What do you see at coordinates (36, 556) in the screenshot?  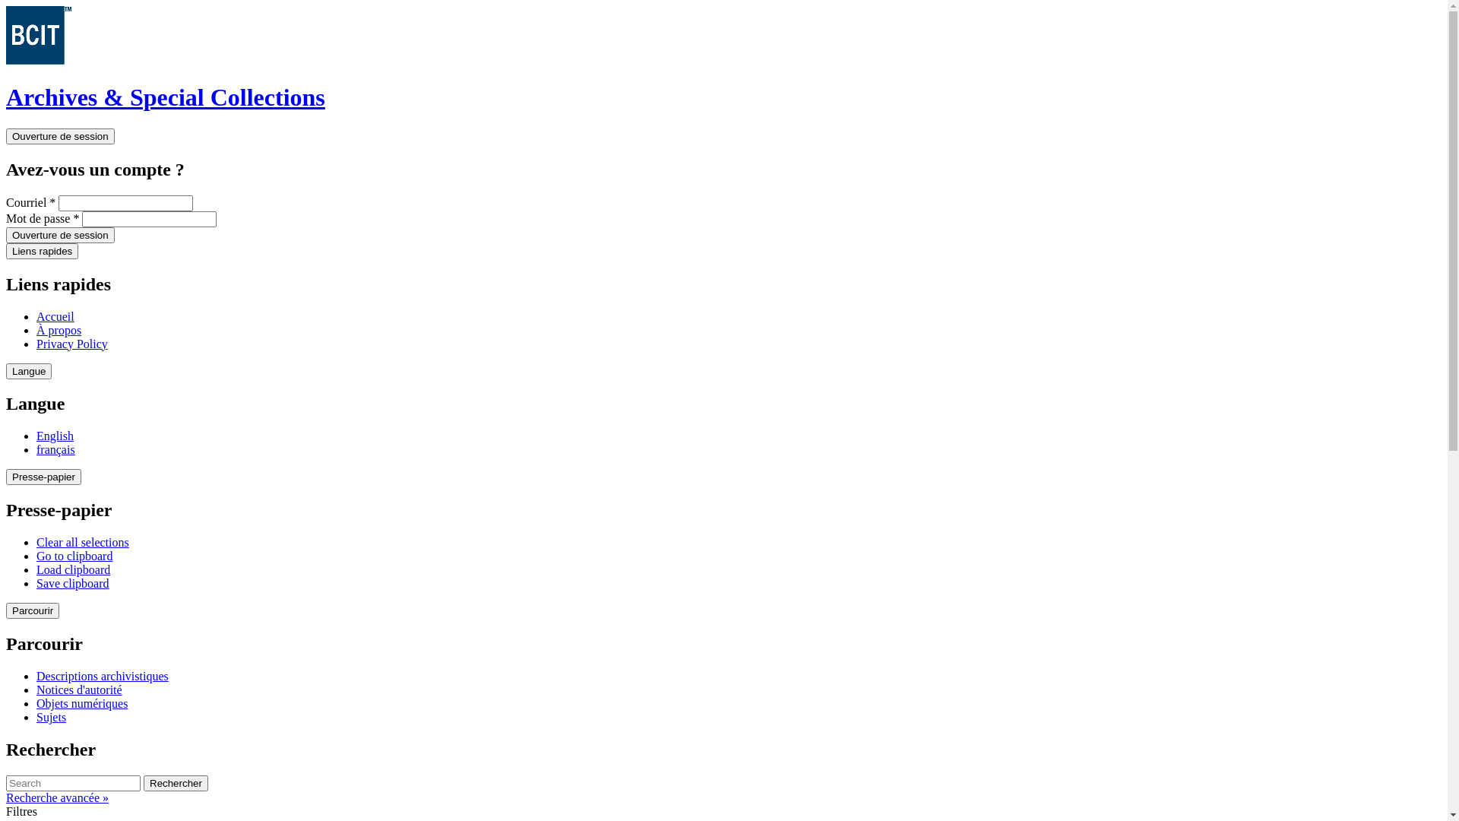 I see `'Go to clipboard'` at bounding box center [36, 556].